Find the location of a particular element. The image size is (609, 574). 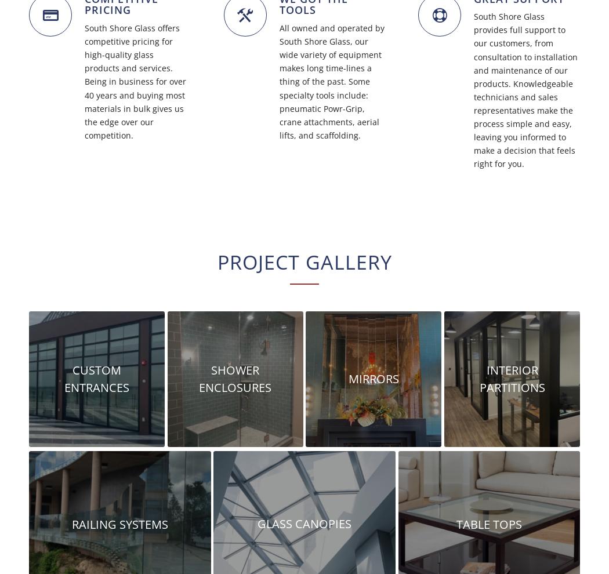

'TABLE TOPS' is located at coordinates (488, 523).